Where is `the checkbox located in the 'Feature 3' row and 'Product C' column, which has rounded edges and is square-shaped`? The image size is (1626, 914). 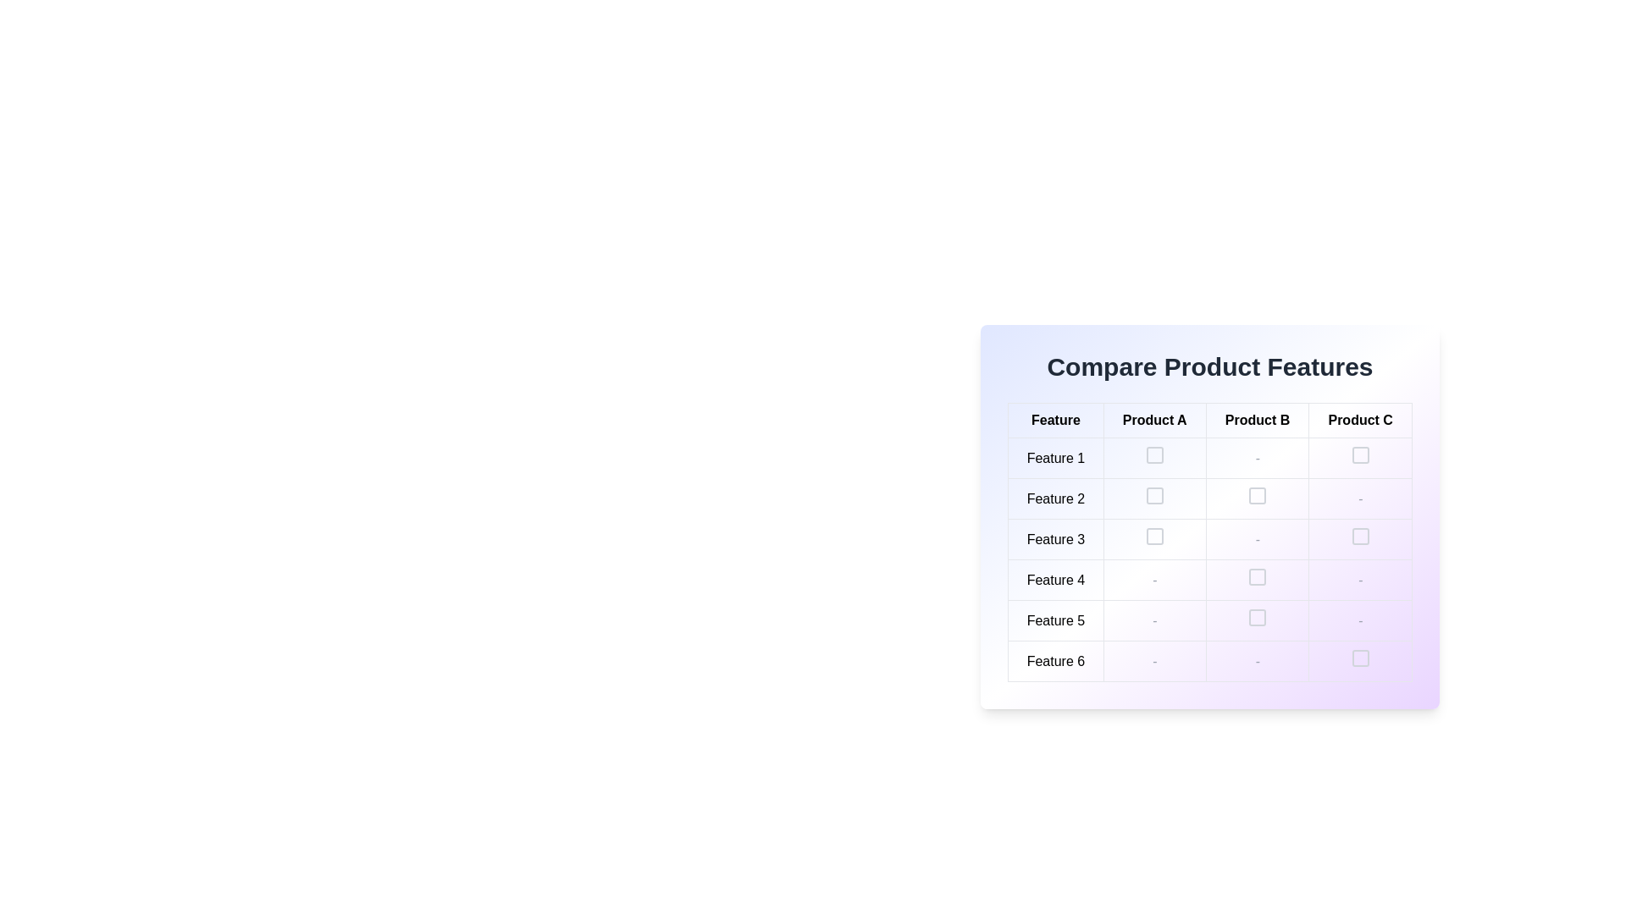 the checkbox located in the 'Feature 3' row and 'Product C' column, which has rounded edges and is square-shaped is located at coordinates (1360, 539).